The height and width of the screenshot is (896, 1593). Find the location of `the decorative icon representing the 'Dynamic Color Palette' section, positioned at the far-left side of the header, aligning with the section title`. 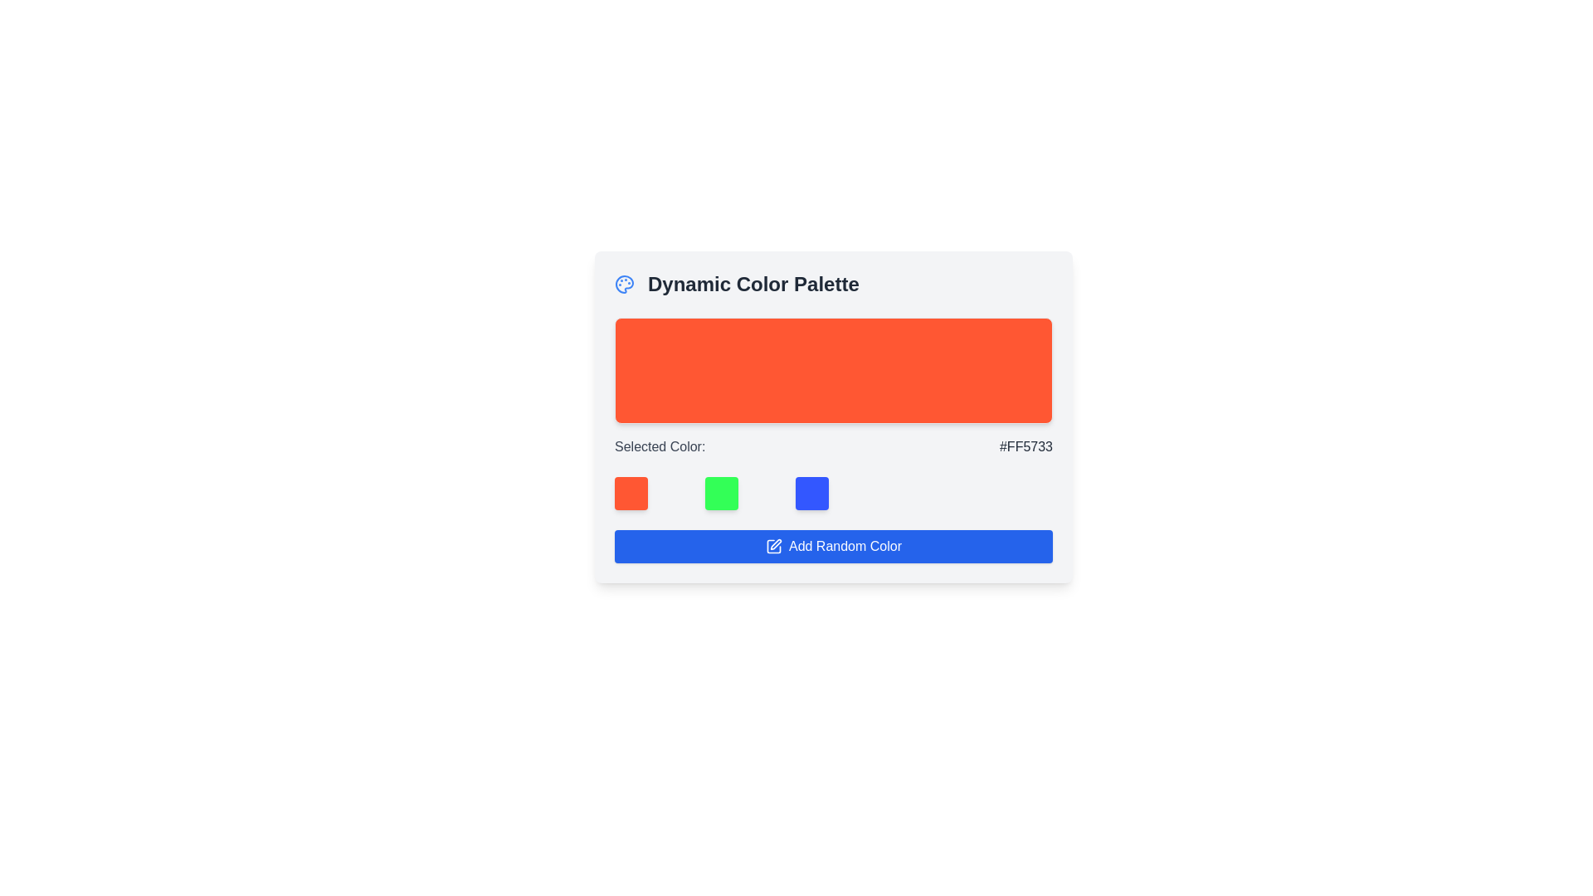

the decorative icon representing the 'Dynamic Color Palette' section, positioned at the far-left side of the header, aligning with the section title is located at coordinates (624, 284).